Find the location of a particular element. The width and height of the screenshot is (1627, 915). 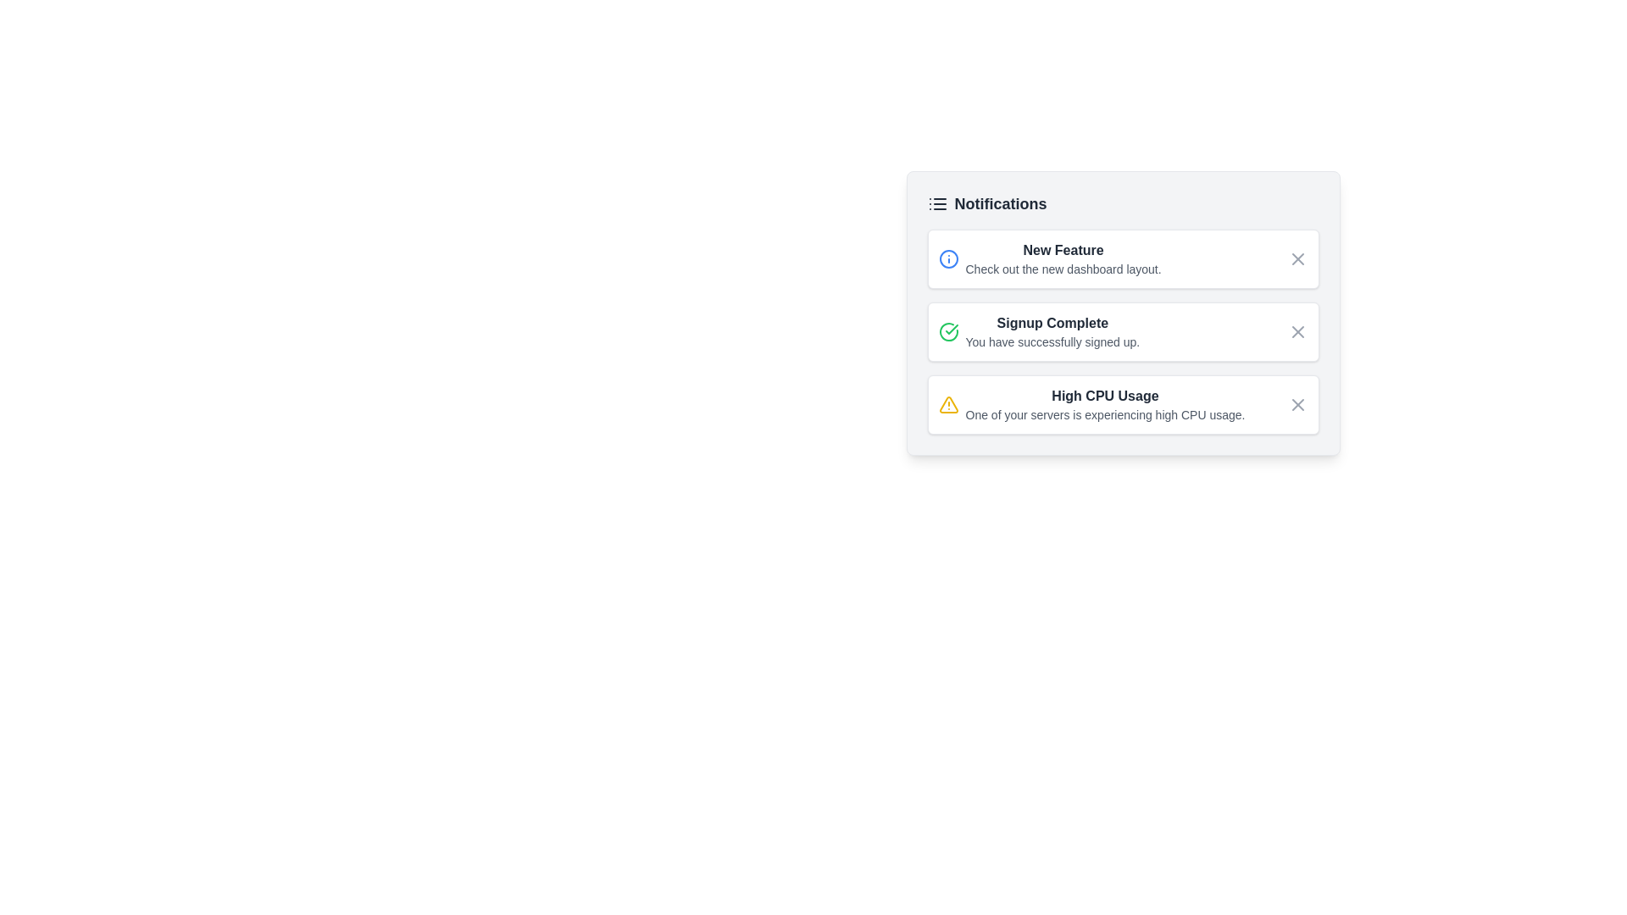

detailed information provided by the text label regarding high CPU usage, located directly below the bold title 'High CPU Usage' in the third notification area is located at coordinates (1105, 414).